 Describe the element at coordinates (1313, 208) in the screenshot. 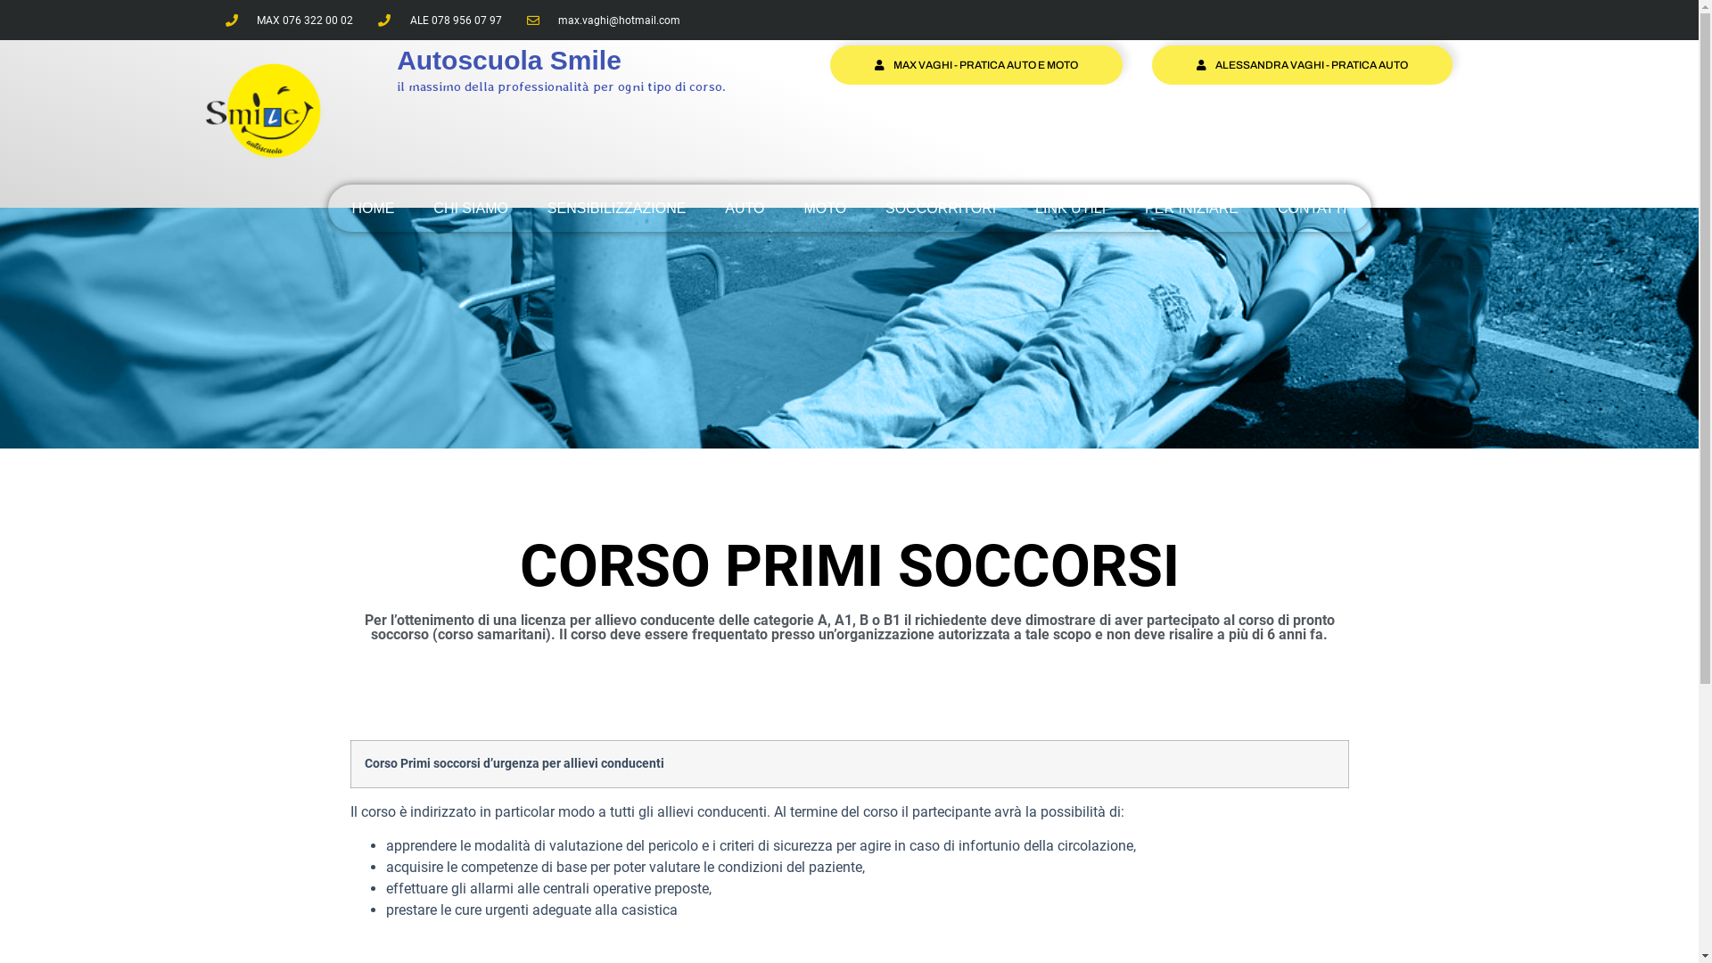

I see `'CONTATTI'` at that location.